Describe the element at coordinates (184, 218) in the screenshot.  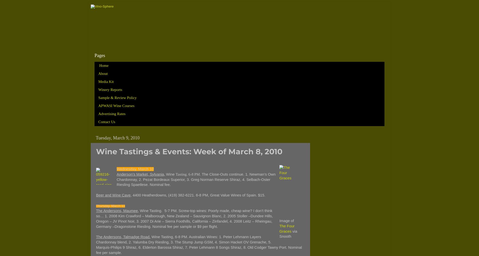
I see `'Wine Tasting.  5-7 PM. Screw-top wines: Poorly made, cheap wine? I don’t think so… 1. 2008 Kim Crawford – Malborough, New Zealand – Sauvignon Blanc, 2. 2005 Stoller –Dundee Hills, Oregon – JV Pinot Noir, 3. 2007 Di Arie – Sierra Foothills, California – Zinfandel, 4. 2008 Leitz – Rheingau, Germany –Dragonstone Riesling. Nominal fee per sample or $9 per flight.'` at that location.